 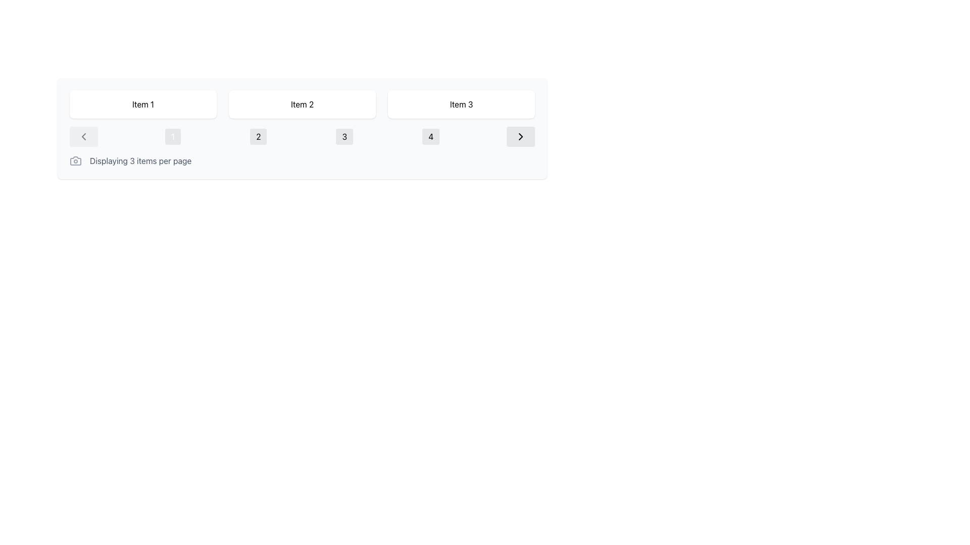 What do you see at coordinates (75, 160) in the screenshot?
I see `the camera icon located in the lower-left section of the horizontal interface bar` at bounding box center [75, 160].